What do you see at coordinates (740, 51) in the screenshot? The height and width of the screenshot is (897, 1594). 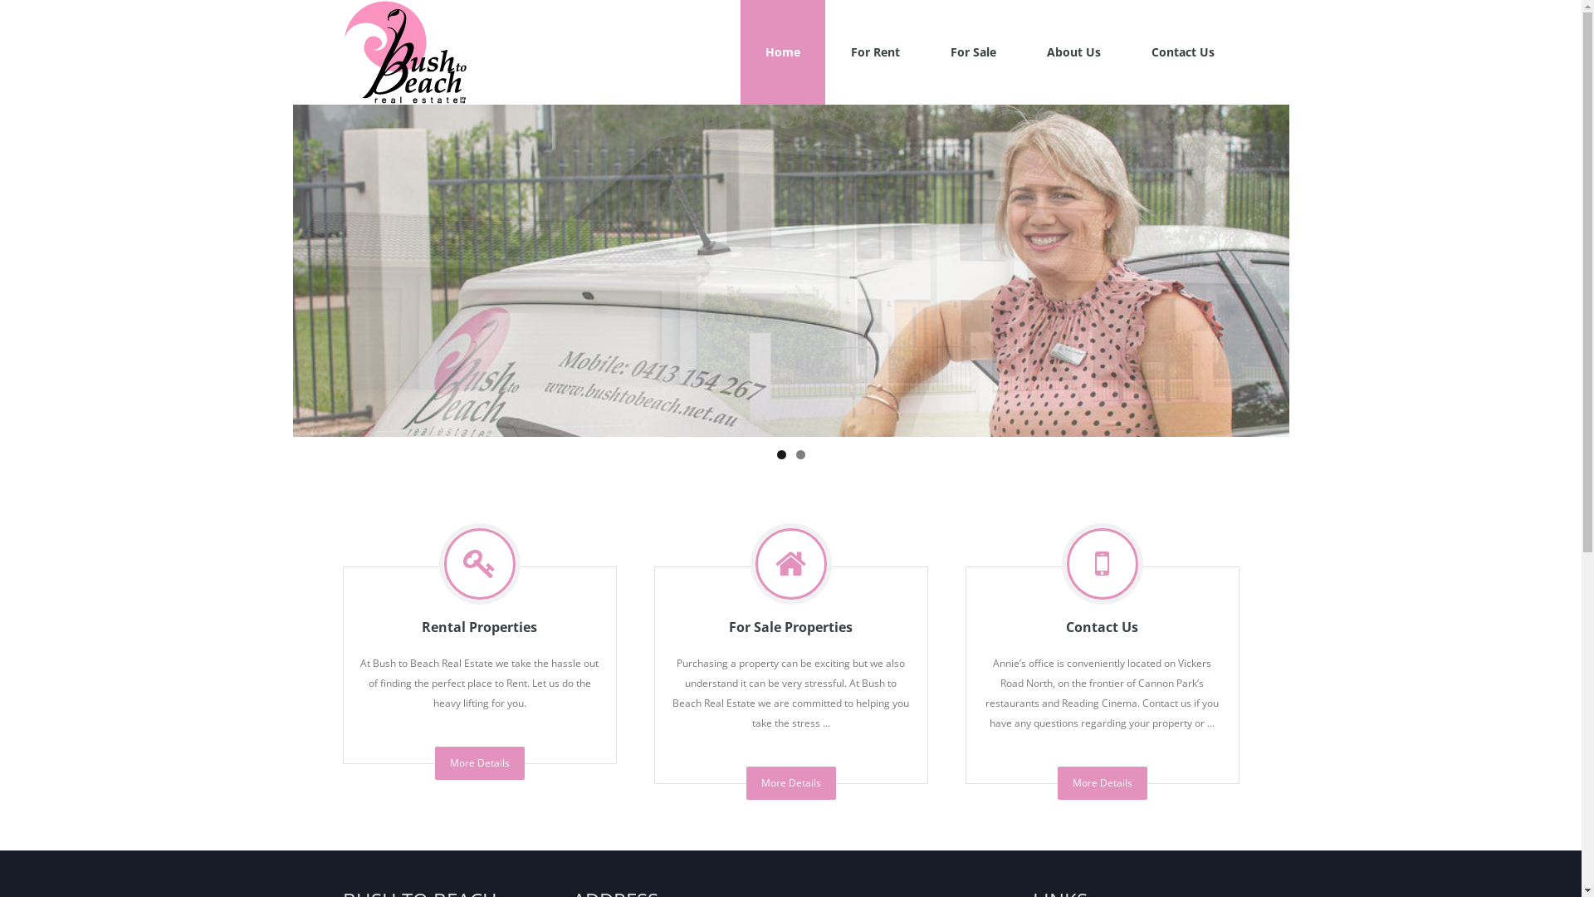 I see `'Home'` at bounding box center [740, 51].